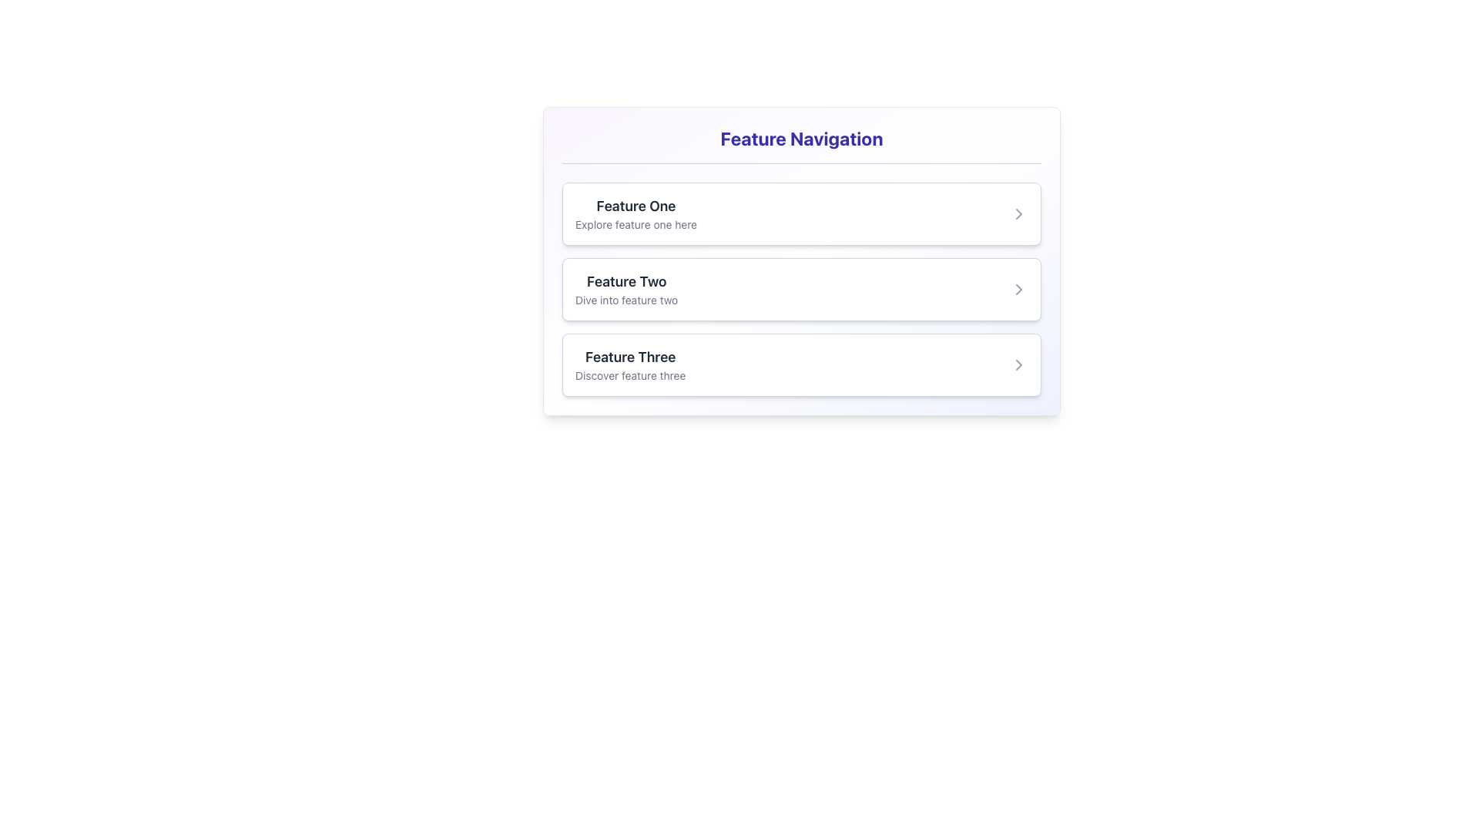 The width and height of the screenshot is (1479, 832). Describe the element at coordinates (1019, 289) in the screenshot. I see `the right-pointing chevron icon styled in gray located at the far-right end of the card labeled 'Feature Two'` at that location.